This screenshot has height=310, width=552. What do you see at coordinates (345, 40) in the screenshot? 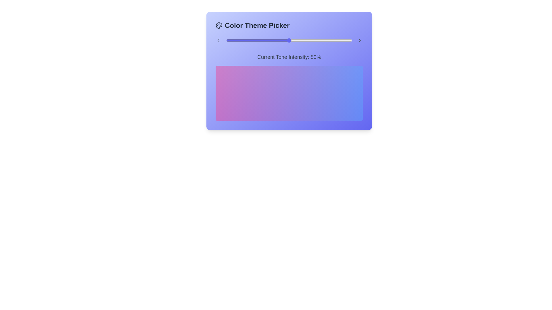
I see `the tone intensity slider to 94%` at bounding box center [345, 40].